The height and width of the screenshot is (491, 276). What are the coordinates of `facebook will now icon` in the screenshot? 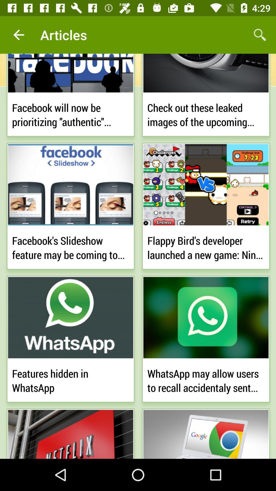 It's located at (71, 114).